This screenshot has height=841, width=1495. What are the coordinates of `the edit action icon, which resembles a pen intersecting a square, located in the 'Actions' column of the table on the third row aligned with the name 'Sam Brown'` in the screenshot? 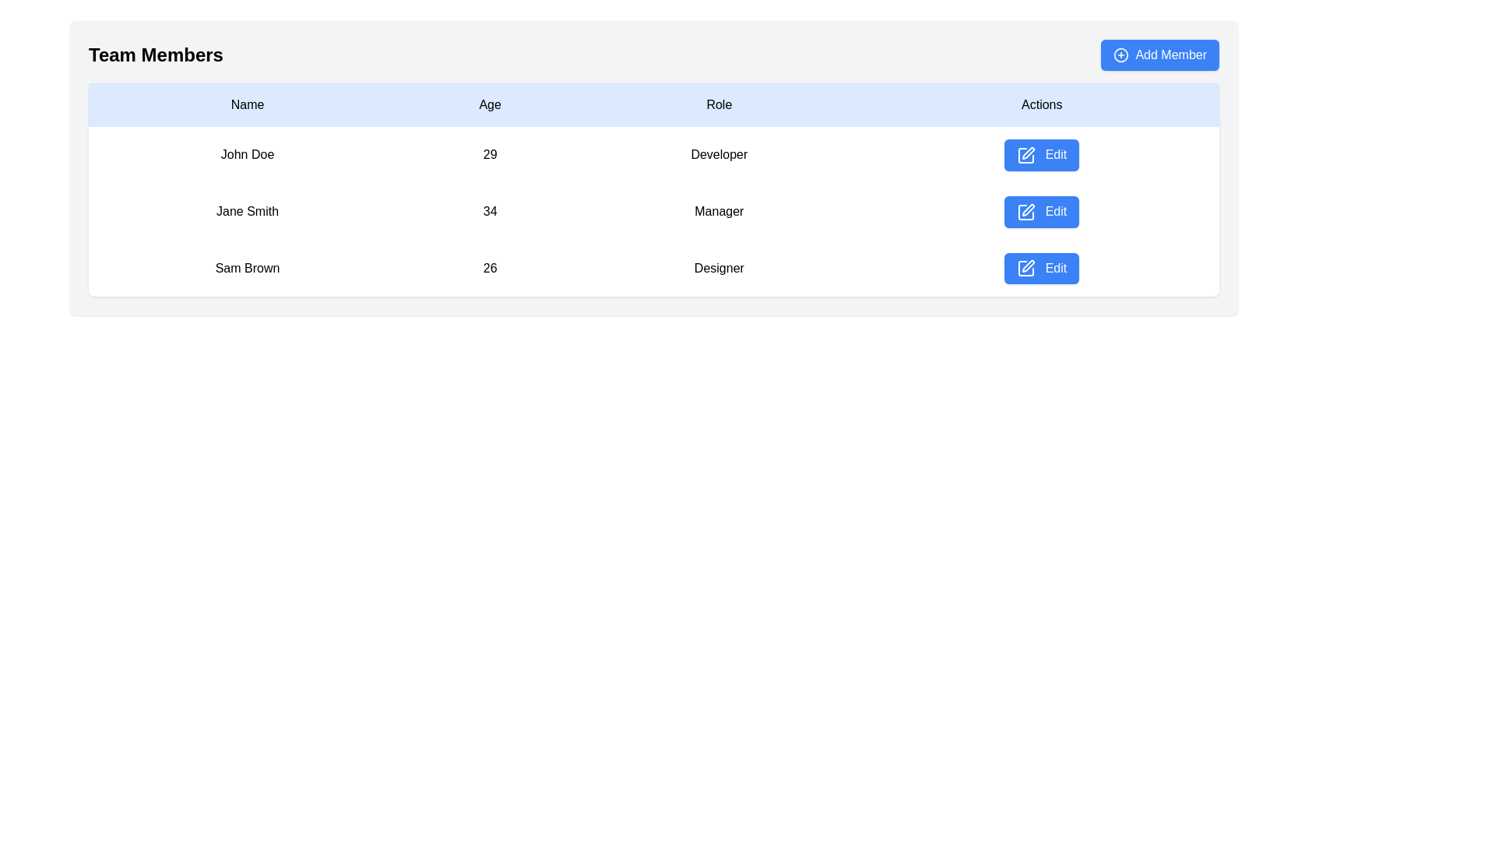 It's located at (1029, 266).